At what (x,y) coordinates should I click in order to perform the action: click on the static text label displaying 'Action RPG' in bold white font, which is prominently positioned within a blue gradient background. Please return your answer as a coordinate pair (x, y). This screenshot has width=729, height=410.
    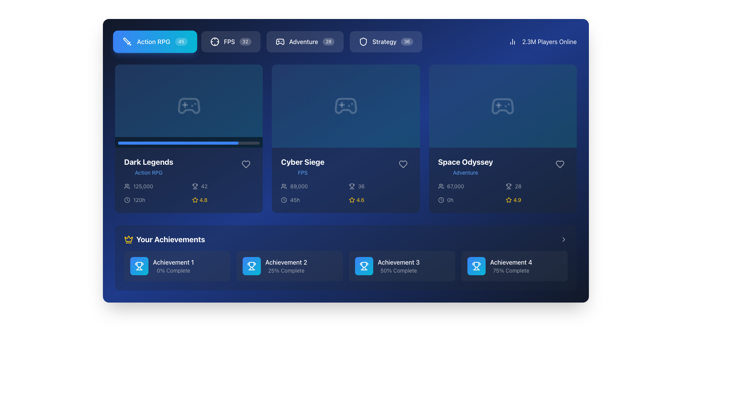
    Looking at the image, I should click on (153, 42).